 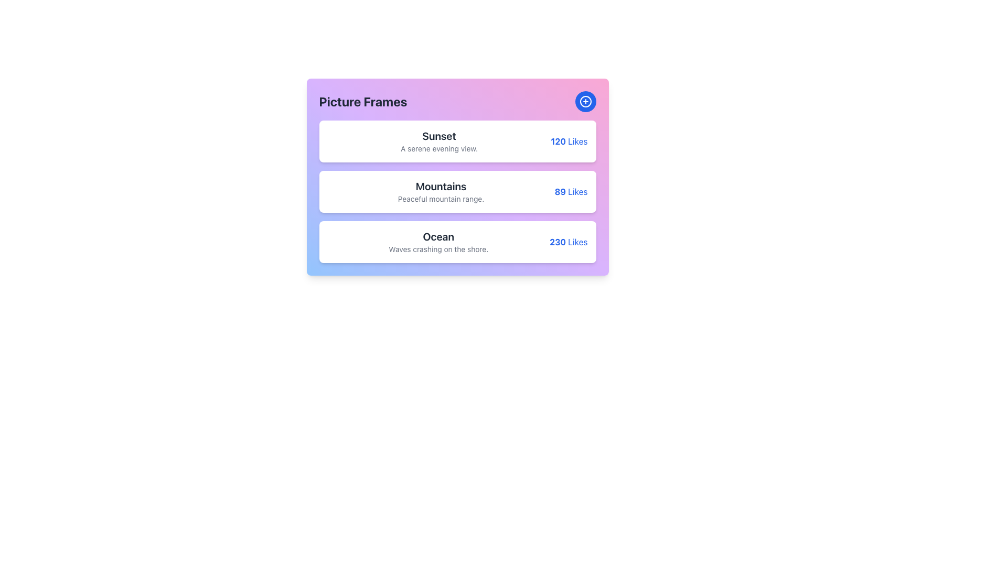 I want to click on the Information Card displaying details about 'Mountains', which is the second card in a vertical list of three cards, positioned below the 'Sunset' card and above the 'Ocean' card, so click(x=457, y=192).